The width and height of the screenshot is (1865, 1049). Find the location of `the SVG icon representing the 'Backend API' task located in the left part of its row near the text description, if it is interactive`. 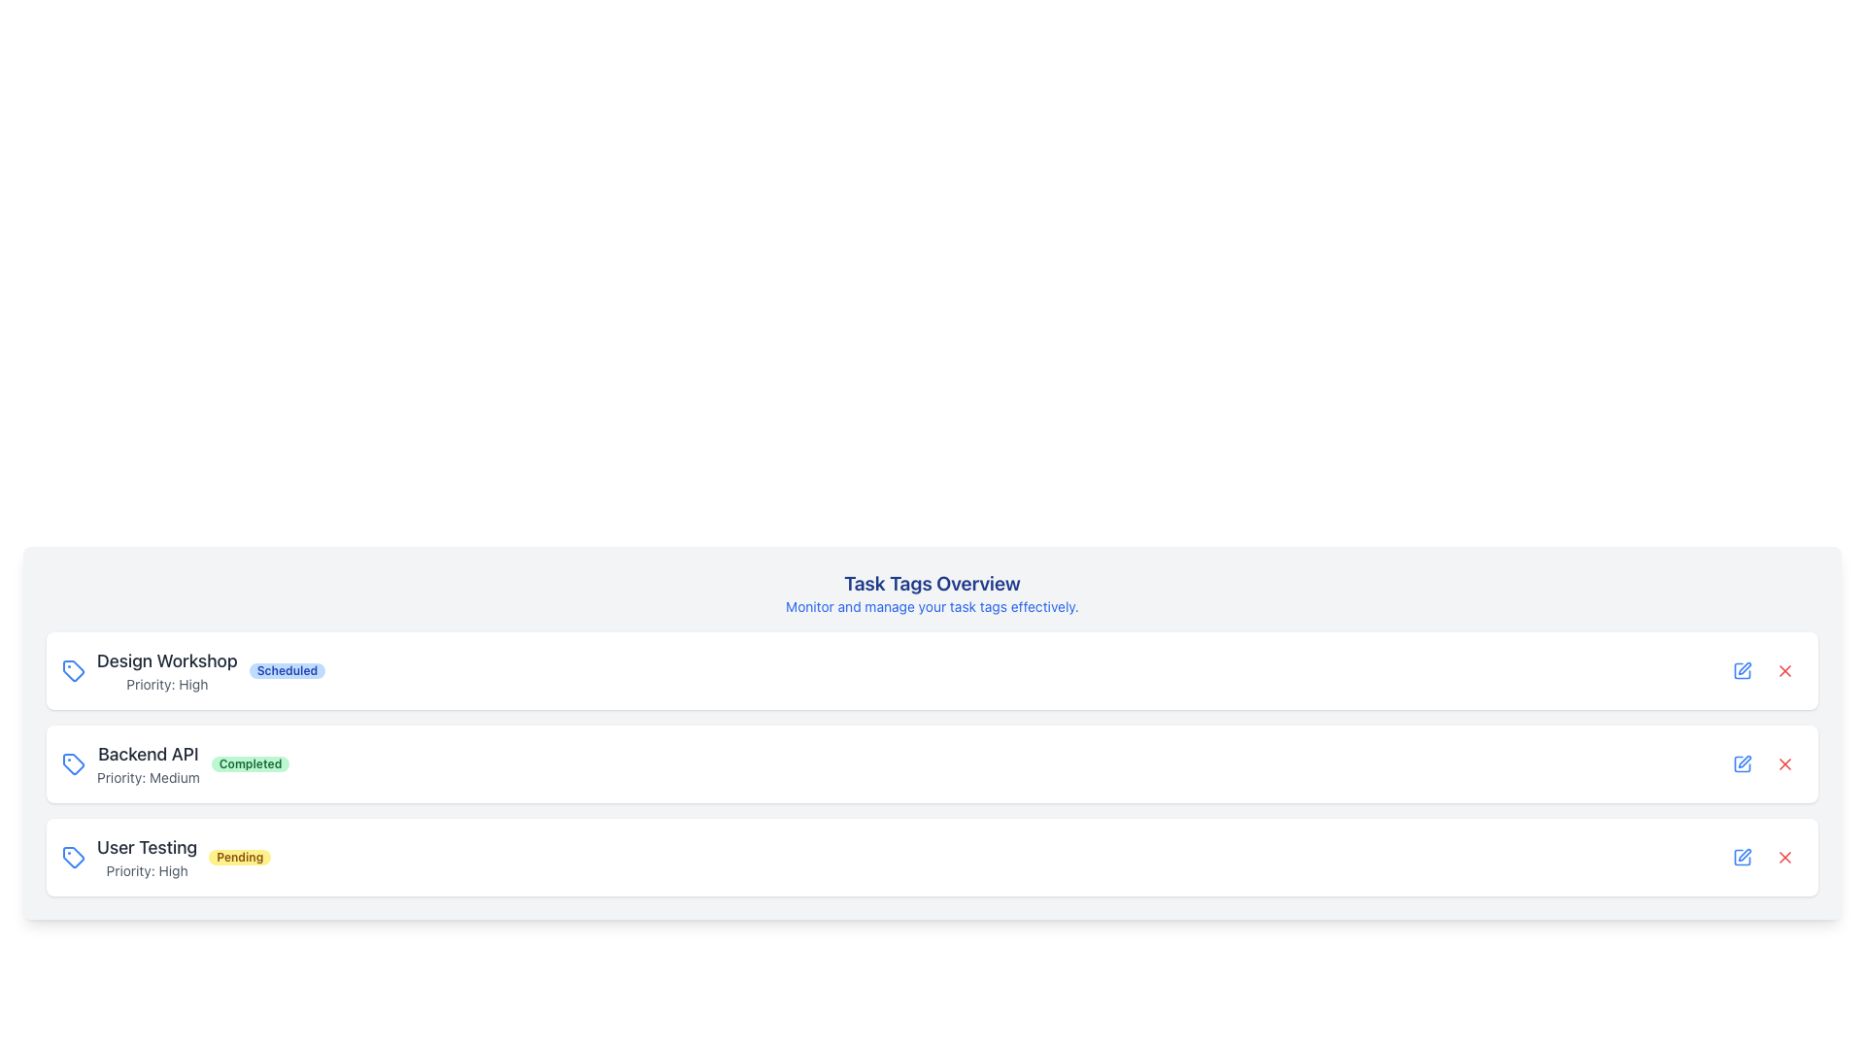

the SVG icon representing the 'Backend API' task located in the left part of its row near the text description, if it is interactive is located at coordinates (74, 762).